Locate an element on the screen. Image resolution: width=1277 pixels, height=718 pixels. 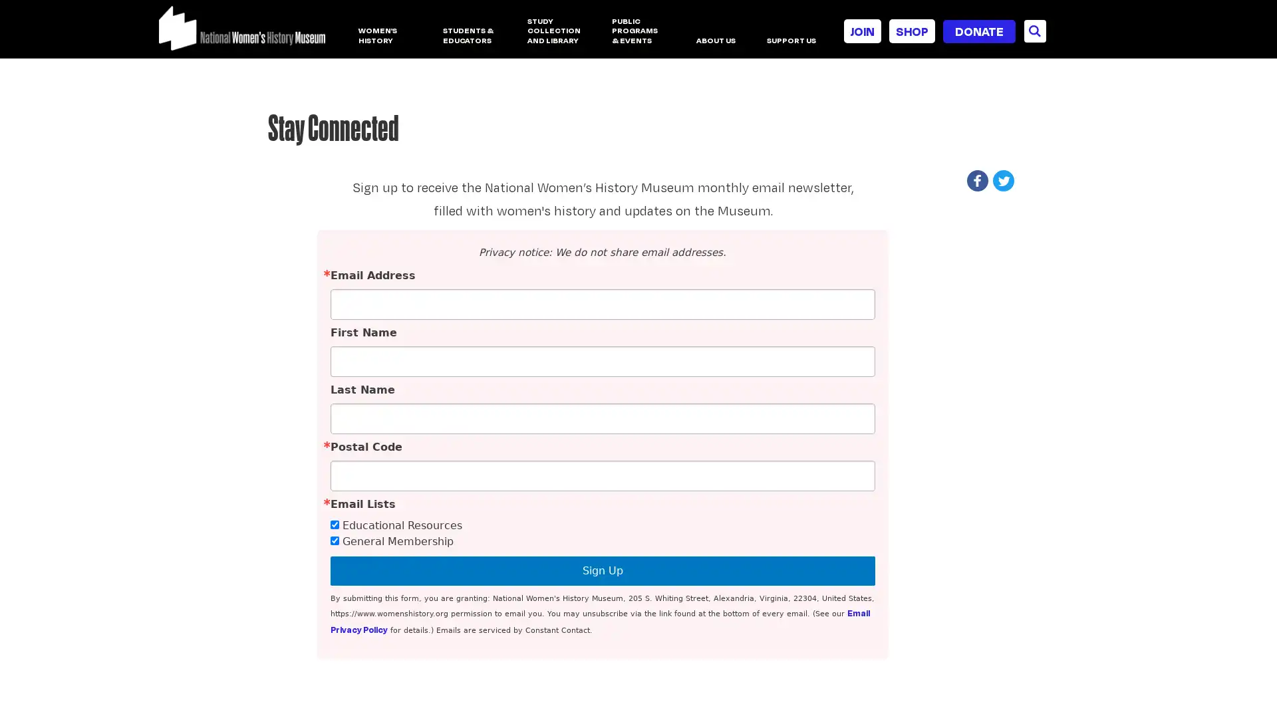
Share to Twitter is located at coordinates (1006, 181).